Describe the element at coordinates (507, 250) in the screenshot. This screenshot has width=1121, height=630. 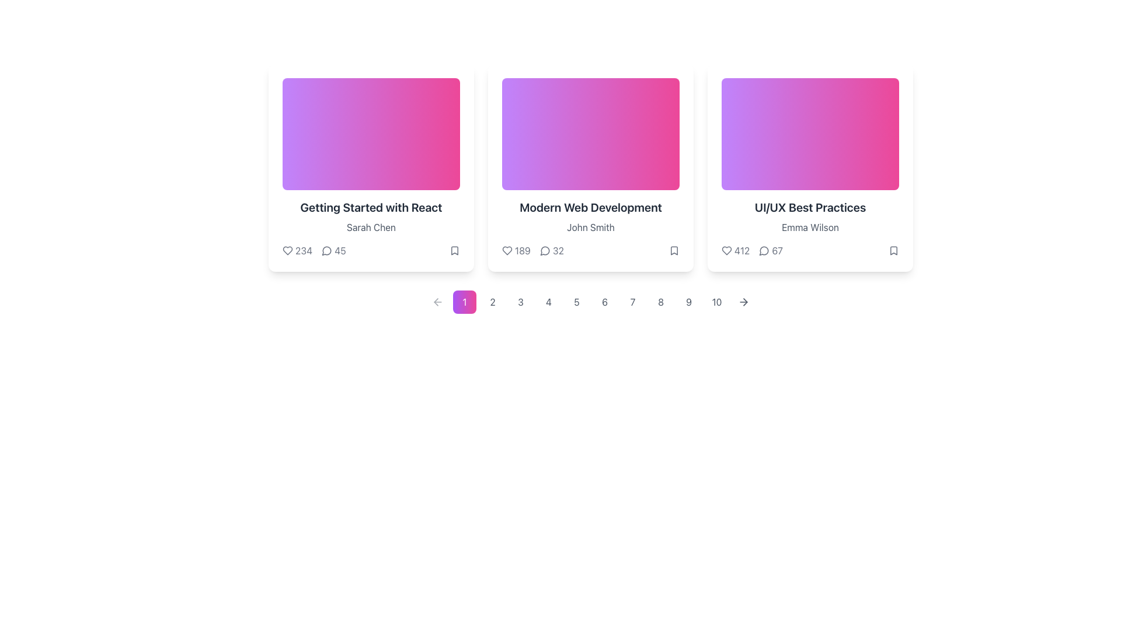
I see `the heart icon, which is an outlined heart shape symbolizing liking or favoriting content, located in the second card from the left on the top row of the interface grid` at that location.